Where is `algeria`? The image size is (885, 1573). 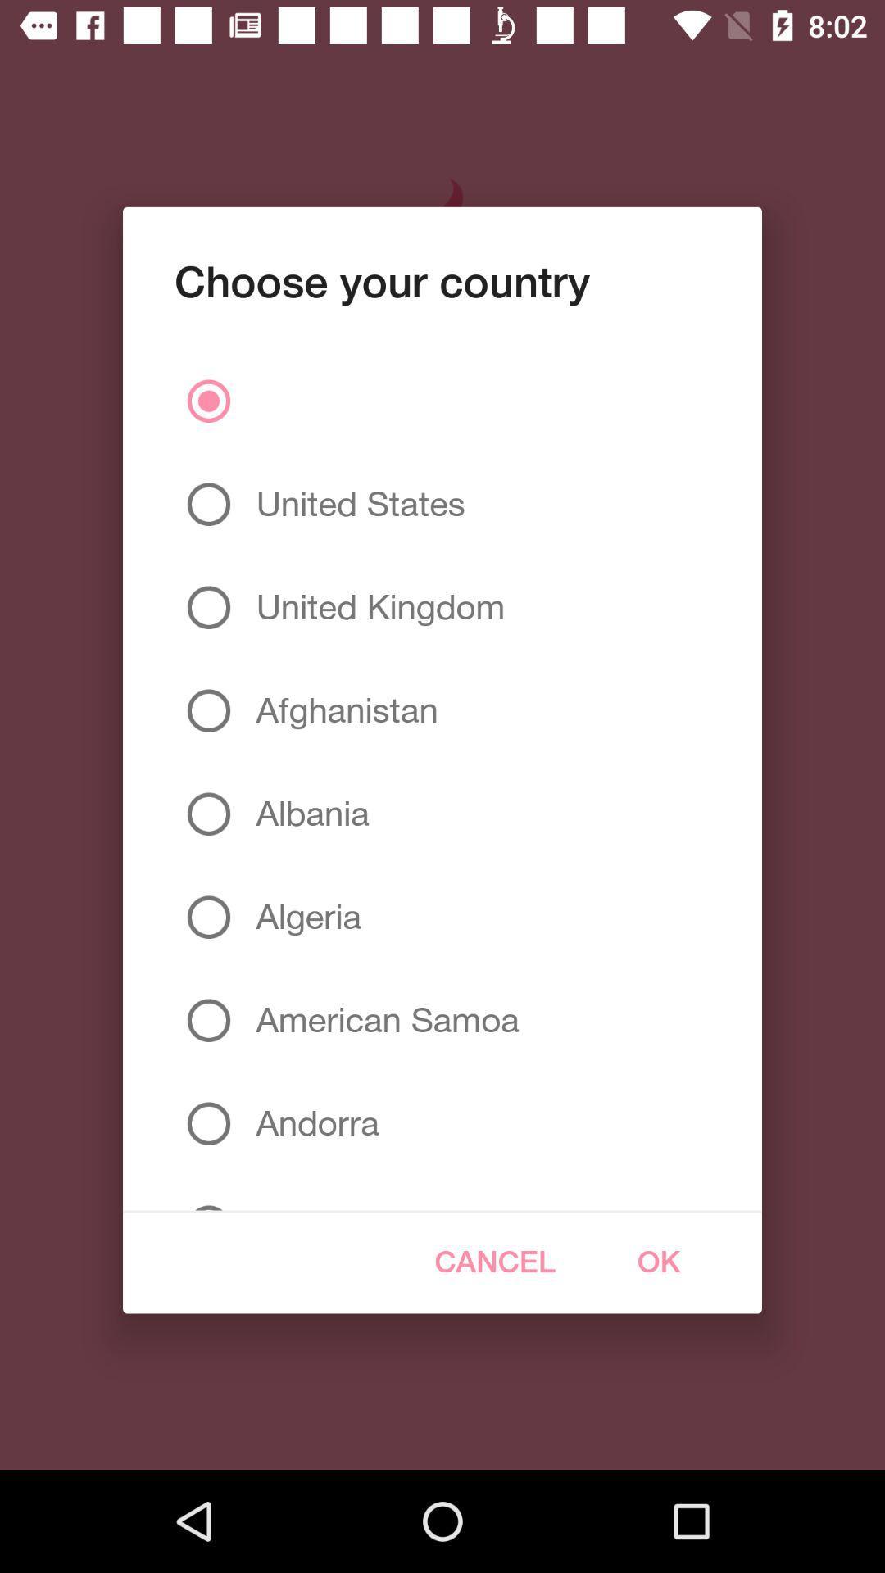
algeria is located at coordinates (302, 916).